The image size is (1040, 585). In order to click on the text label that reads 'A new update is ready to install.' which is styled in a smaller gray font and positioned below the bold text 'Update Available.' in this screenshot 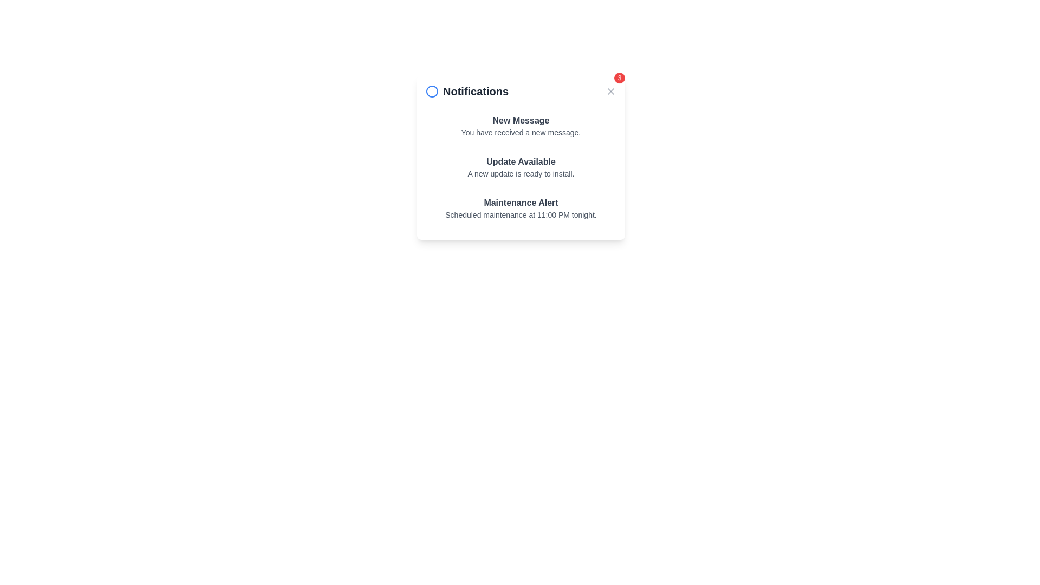, I will do `click(521, 173)`.